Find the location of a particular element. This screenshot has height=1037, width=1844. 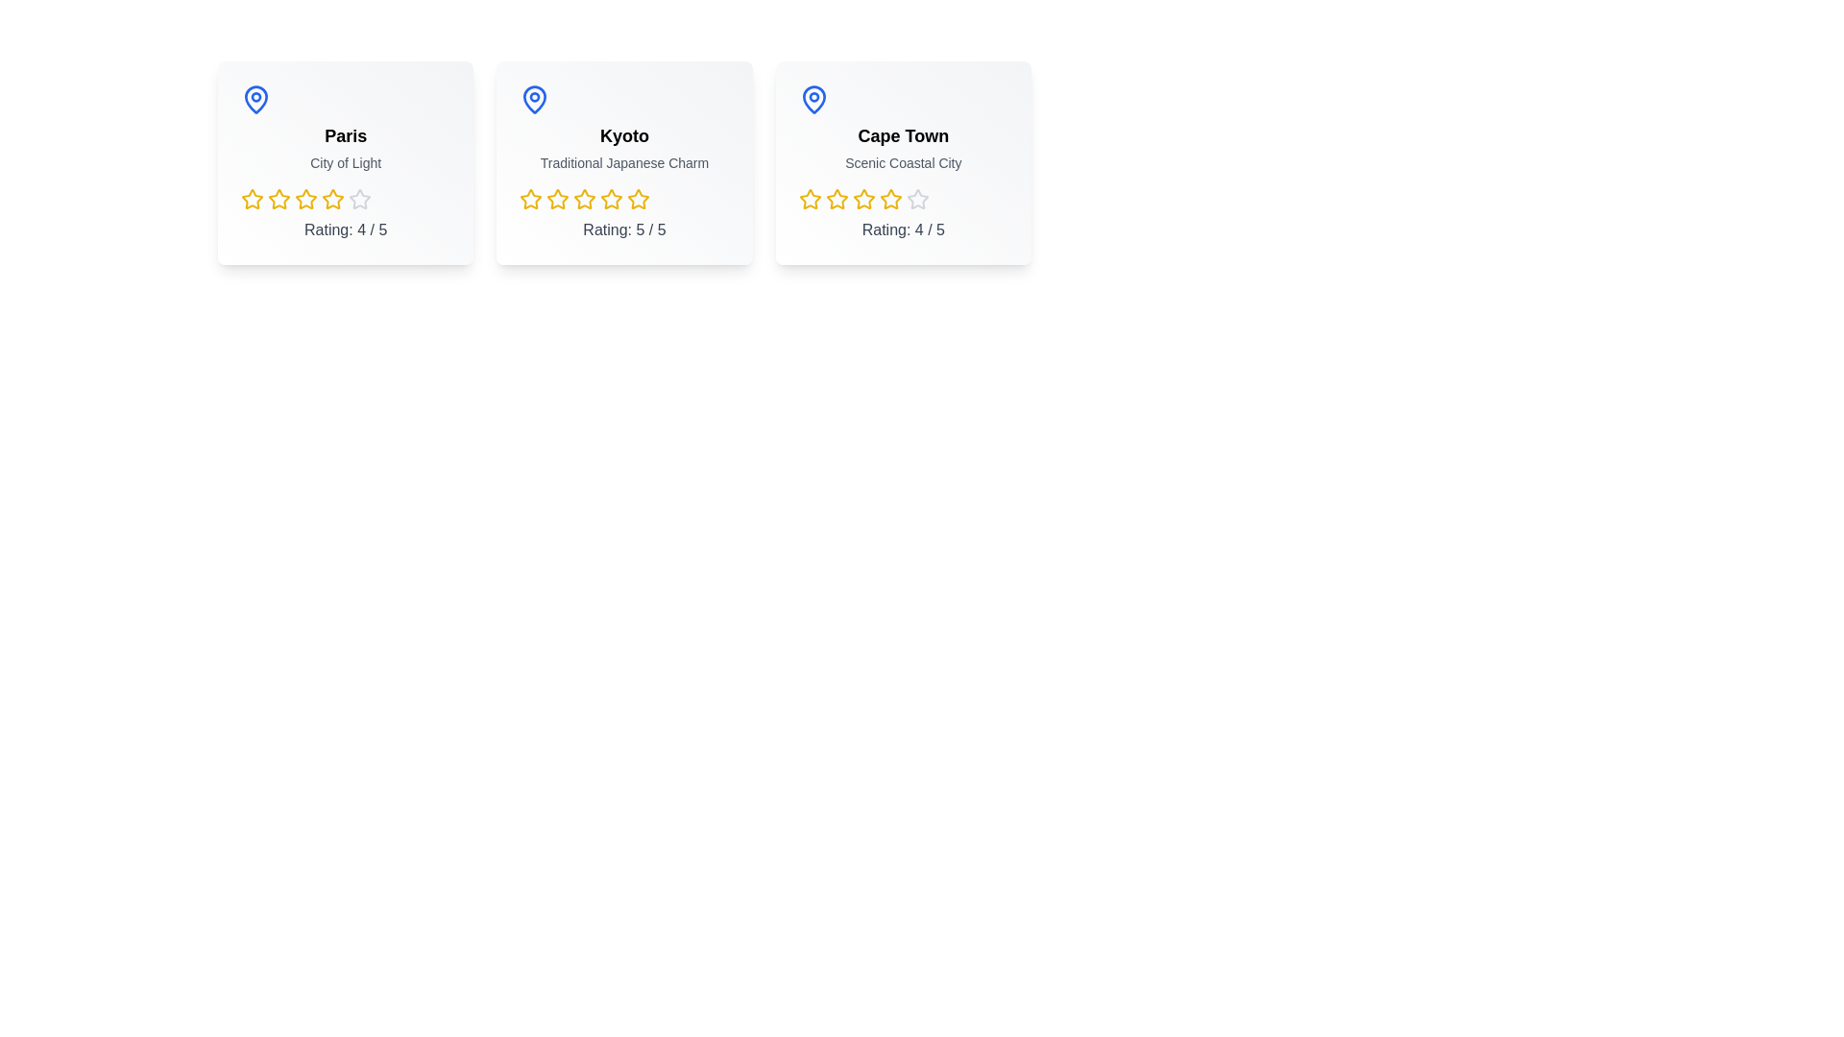

the description text of a destination to view its details is located at coordinates (346, 161).